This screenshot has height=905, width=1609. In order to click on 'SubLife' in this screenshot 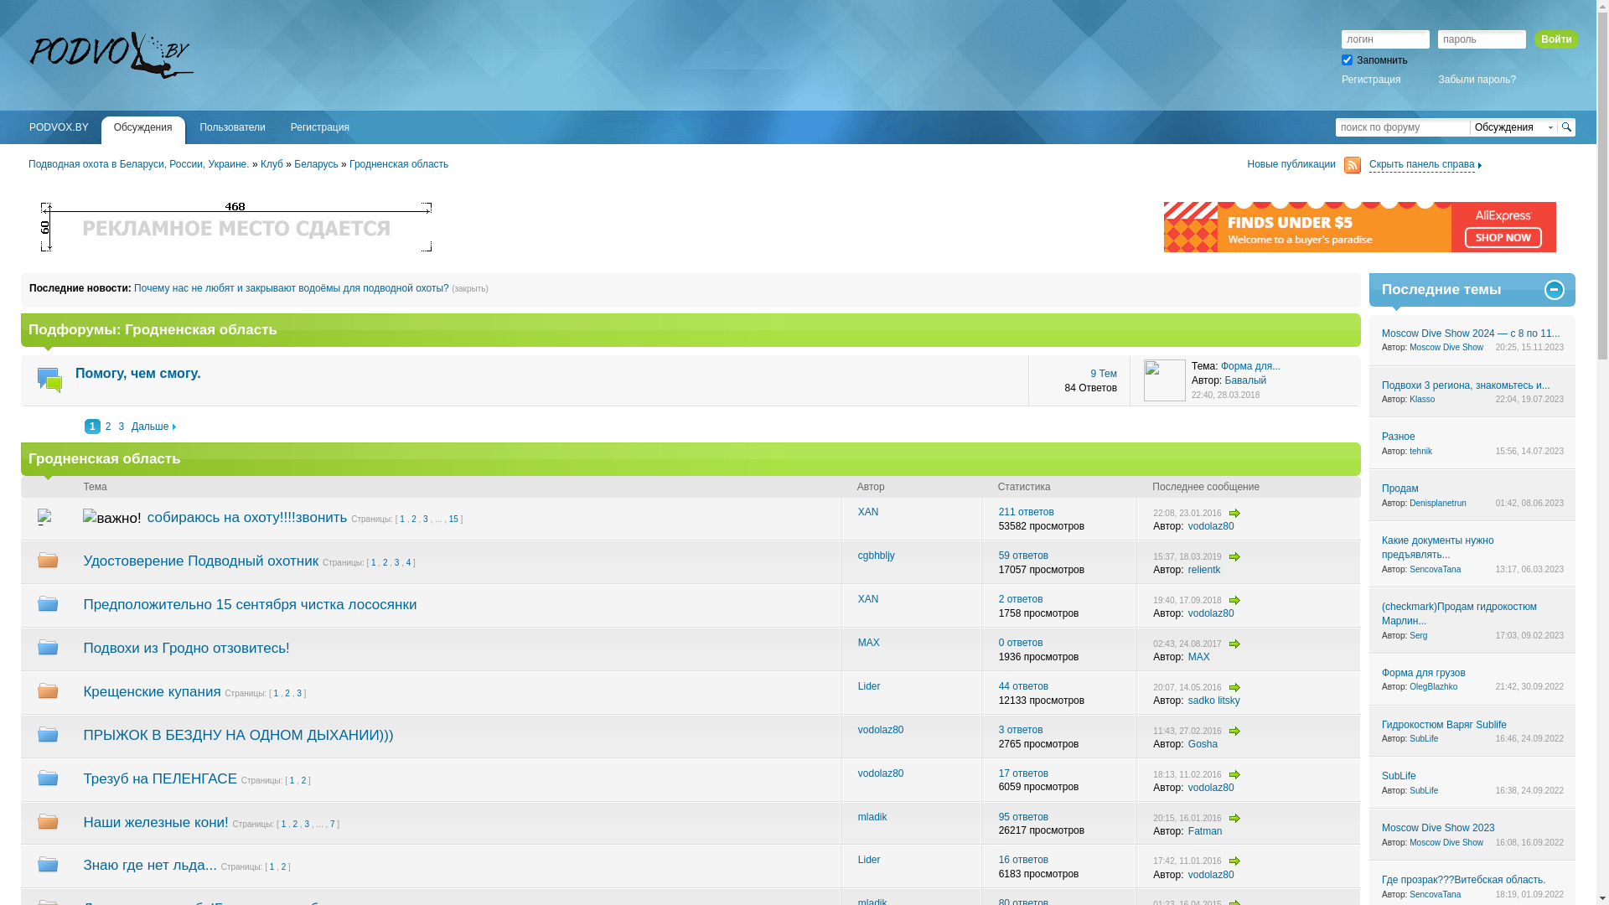, I will do `click(1408, 790)`.